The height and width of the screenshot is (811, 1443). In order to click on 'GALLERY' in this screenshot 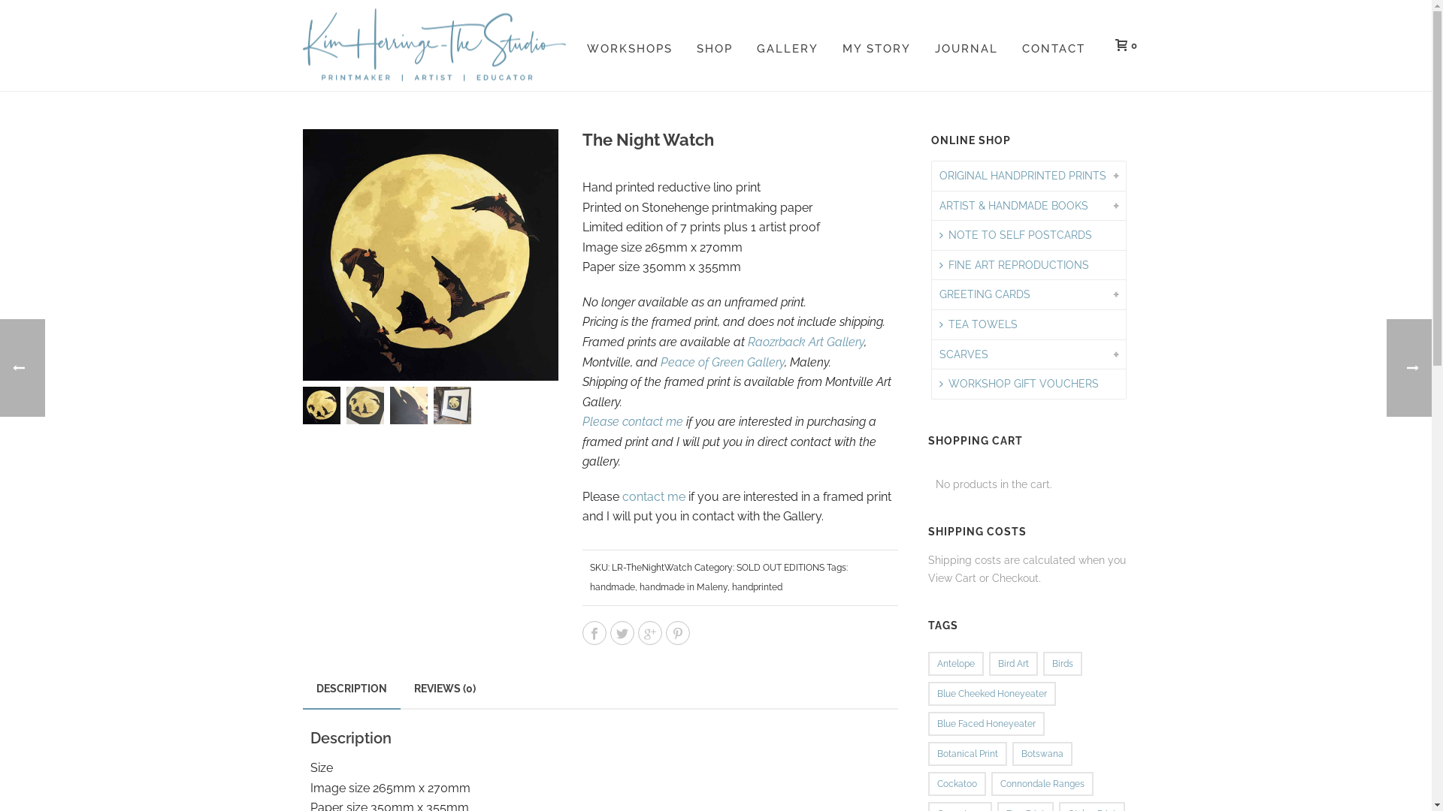, I will do `click(785, 44)`.